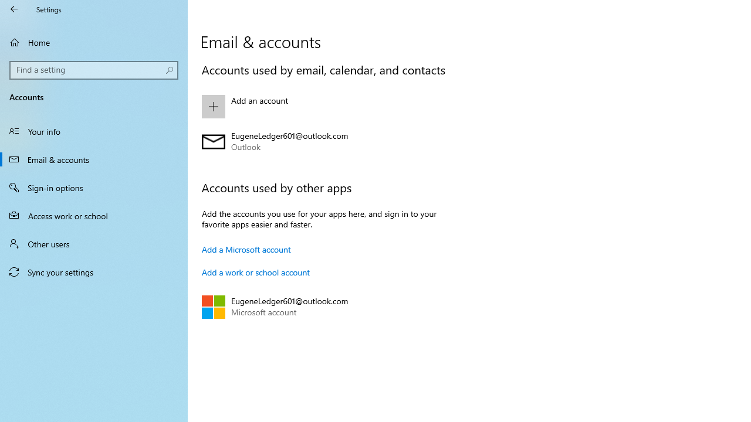 Image resolution: width=751 pixels, height=422 pixels. I want to click on 'Add a work or school account', so click(255, 272).